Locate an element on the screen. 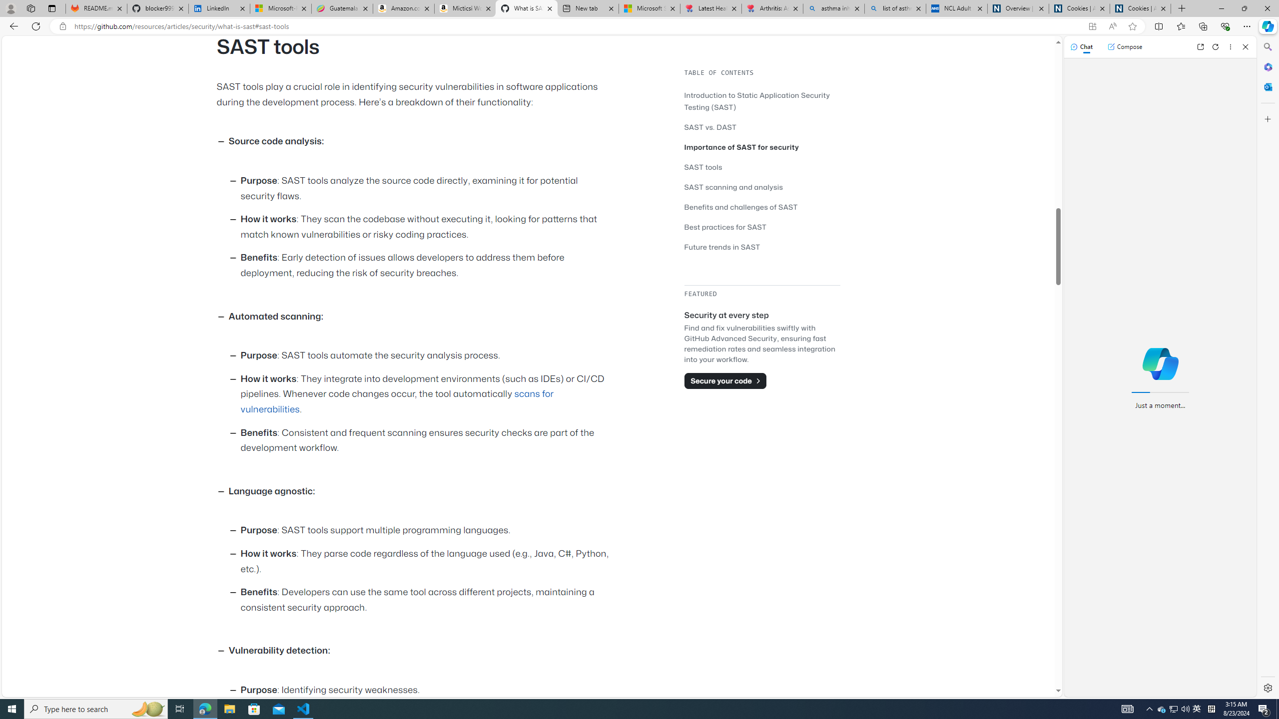 This screenshot has width=1279, height=719. 'Cookies | About | NICE' is located at coordinates (1140, 8).